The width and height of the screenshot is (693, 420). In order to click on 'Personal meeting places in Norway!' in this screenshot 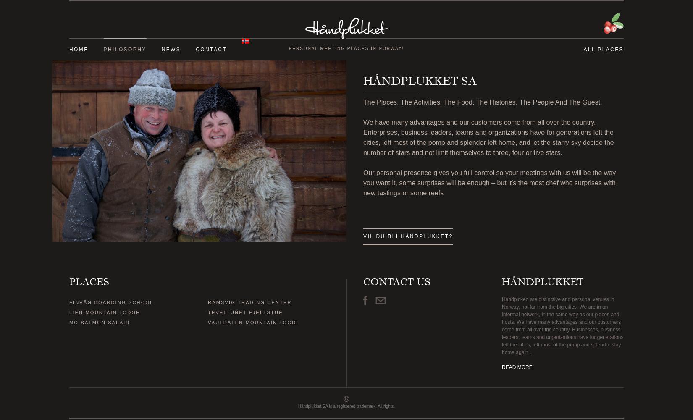, I will do `click(288, 48)`.